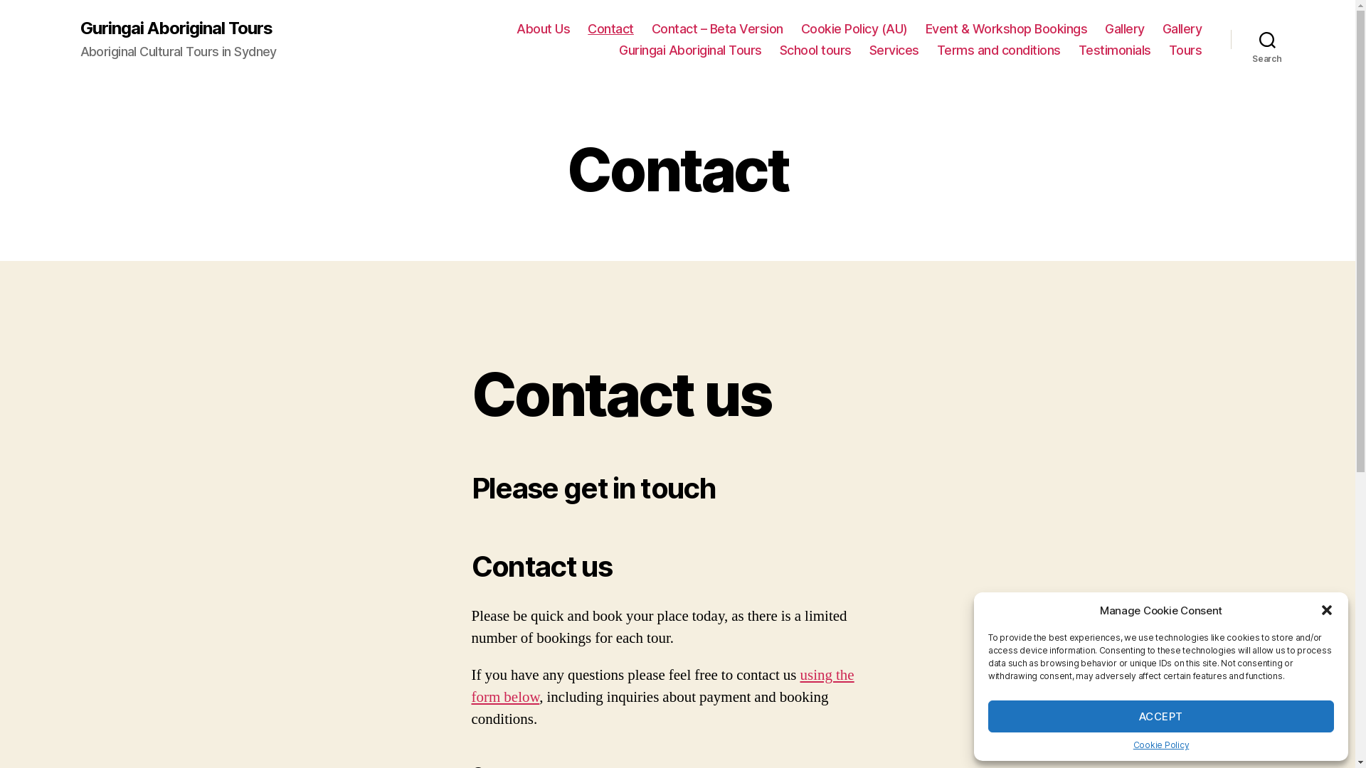 Image resolution: width=1366 pixels, height=768 pixels. What do you see at coordinates (1079, 49) in the screenshot?
I see `'Testimonials'` at bounding box center [1079, 49].